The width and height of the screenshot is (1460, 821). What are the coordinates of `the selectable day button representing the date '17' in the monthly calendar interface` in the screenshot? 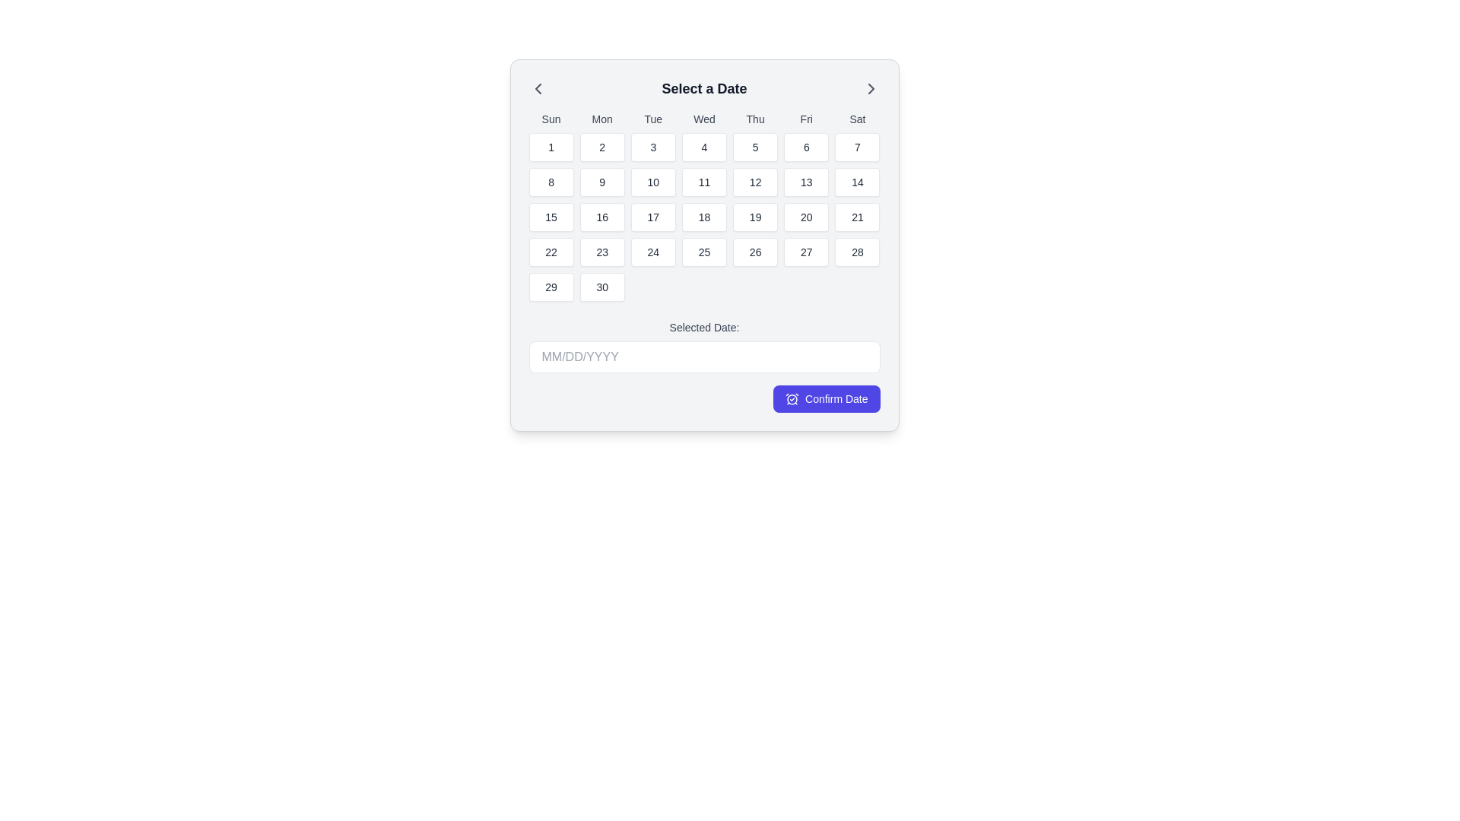 It's located at (653, 217).